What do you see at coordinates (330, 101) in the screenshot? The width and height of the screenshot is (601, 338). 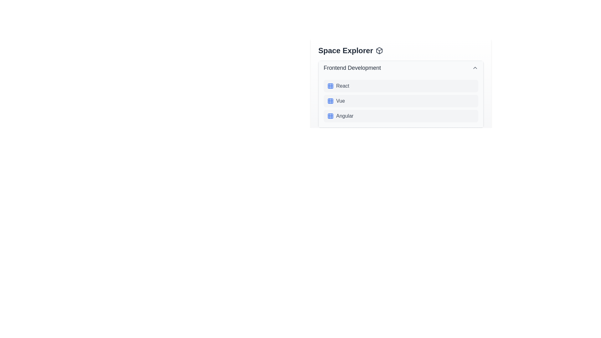 I see `the Vue framework icon, which is represented as a grid symbol in the list of frontend frameworks under 'Frontend Development' in the 'Space Explorer' section` at bounding box center [330, 101].